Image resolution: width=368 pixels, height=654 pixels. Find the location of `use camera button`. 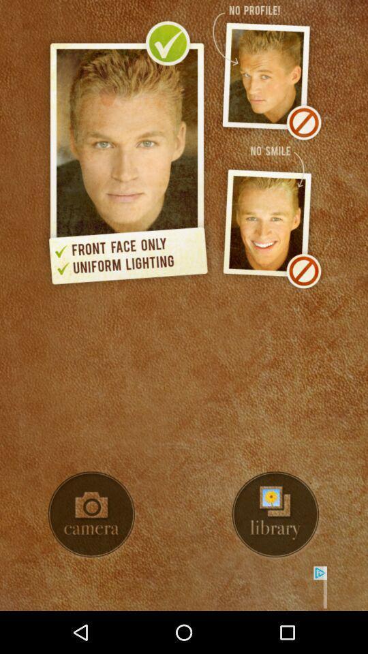

use camera button is located at coordinates (92, 514).